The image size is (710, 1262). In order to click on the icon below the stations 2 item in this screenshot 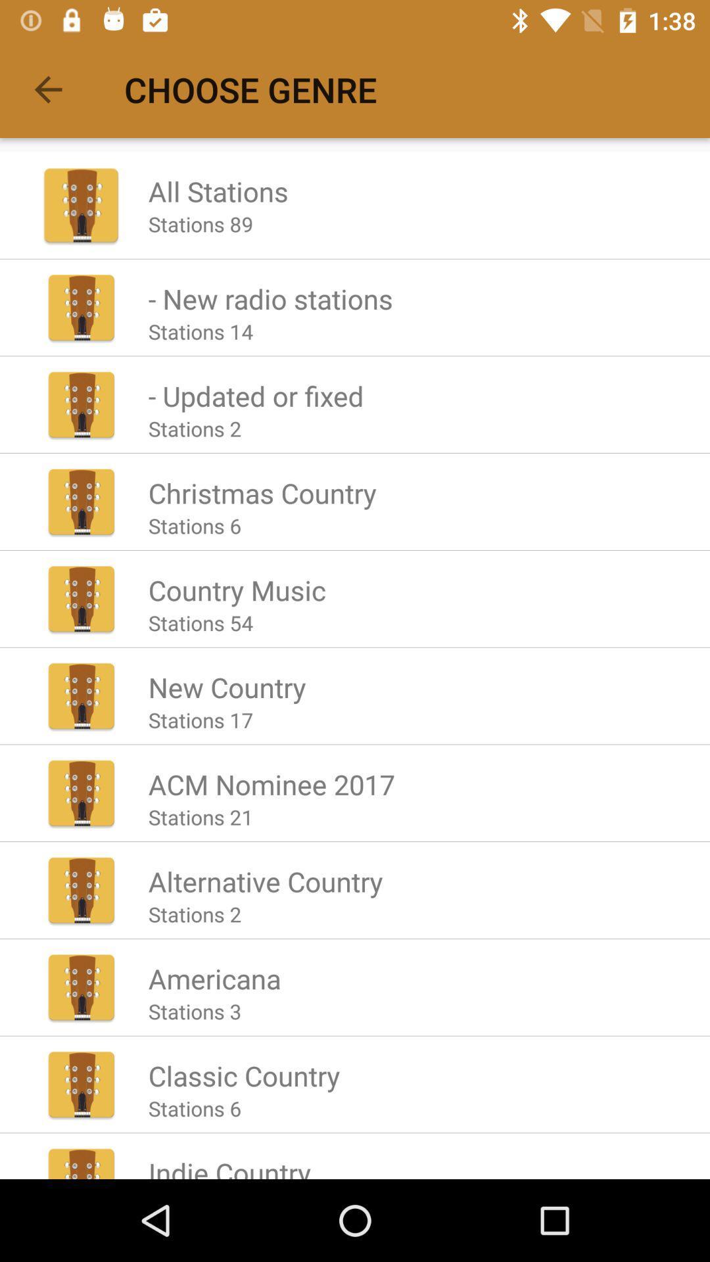, I will do `click(262, 492)`.